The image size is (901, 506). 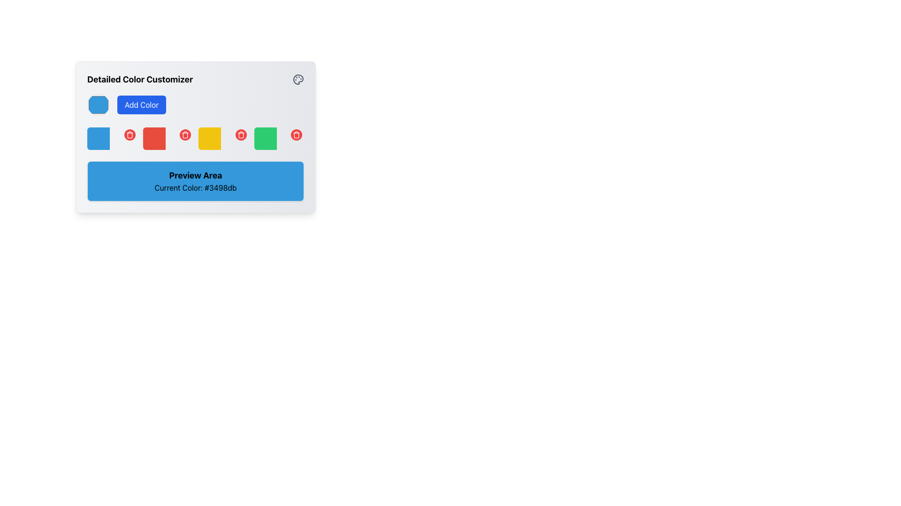 What do you see at coordinates (185, 135) in the screenshot?
I see `the trash can icon, which is a simple SVG graphic with a rectangular body and a lid, located beside the yellow color block in the center row of the interface` at bounding box center [185, 135].